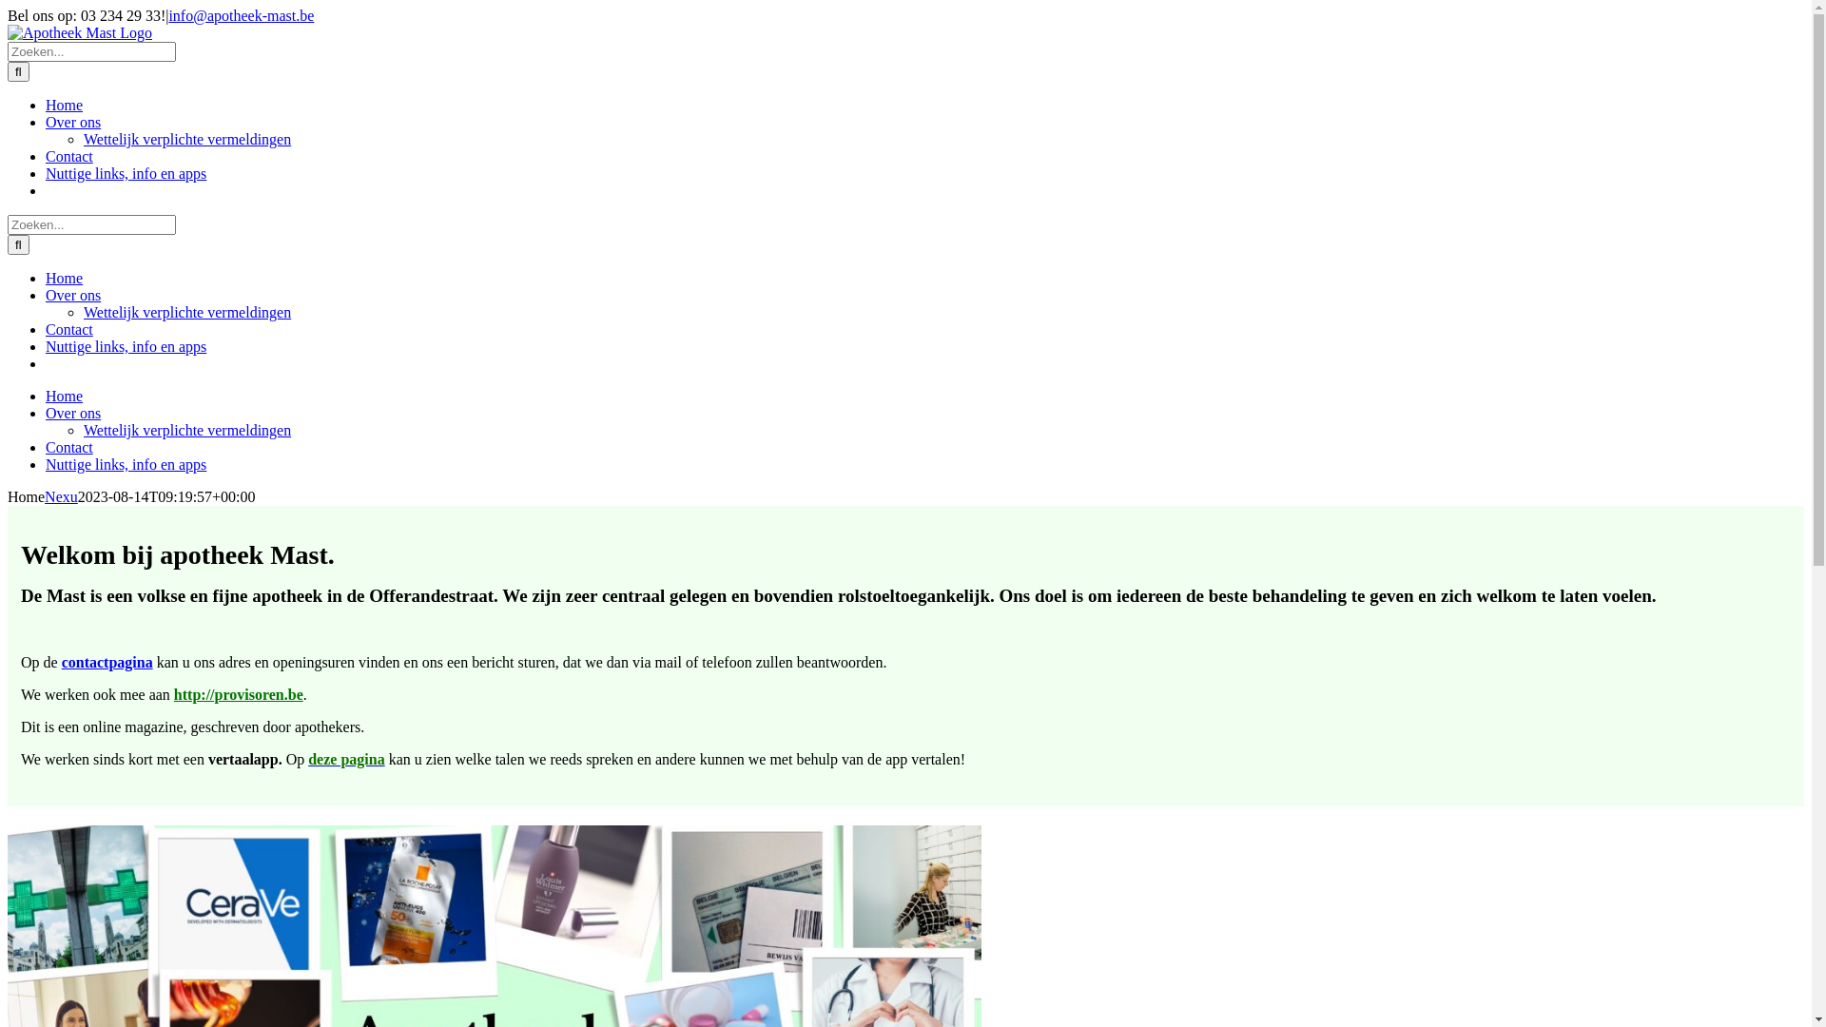  I want to click on 'Nuttige links, info en apps', so click(125, 173).